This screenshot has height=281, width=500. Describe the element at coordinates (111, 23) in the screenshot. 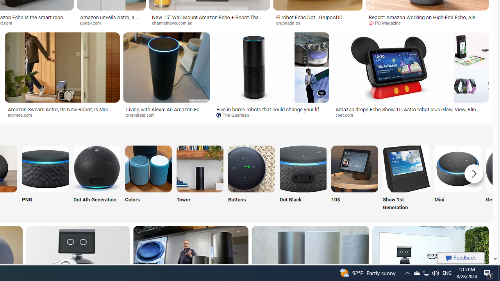

I see `'upday.com'` at that location.